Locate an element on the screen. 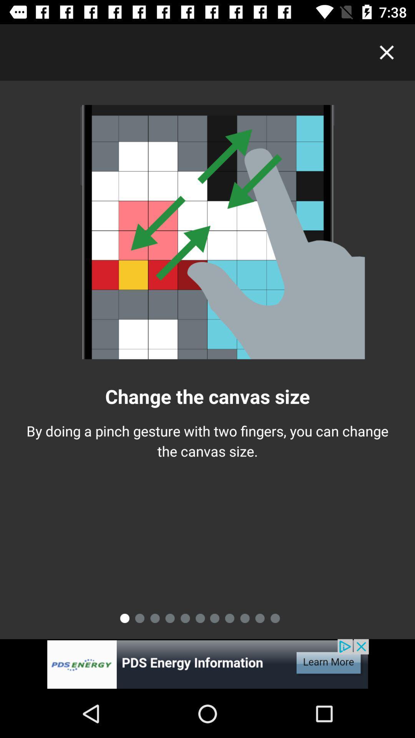  window is located at coordinates (387, 52).